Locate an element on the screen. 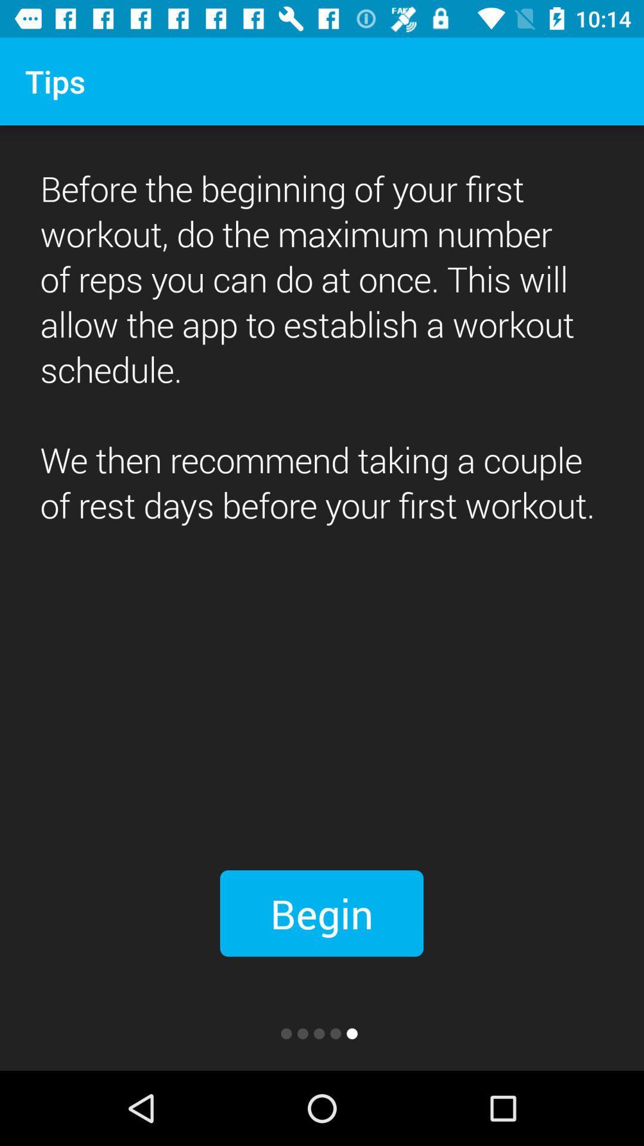 This screenshot has width=644, height=1146. begin is located at coordinates (321, 913).